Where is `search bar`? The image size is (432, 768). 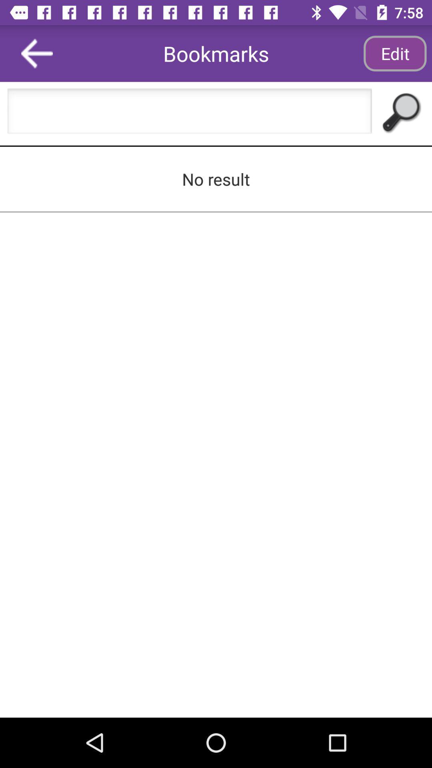
search bar is located at coordinates (190, 113).